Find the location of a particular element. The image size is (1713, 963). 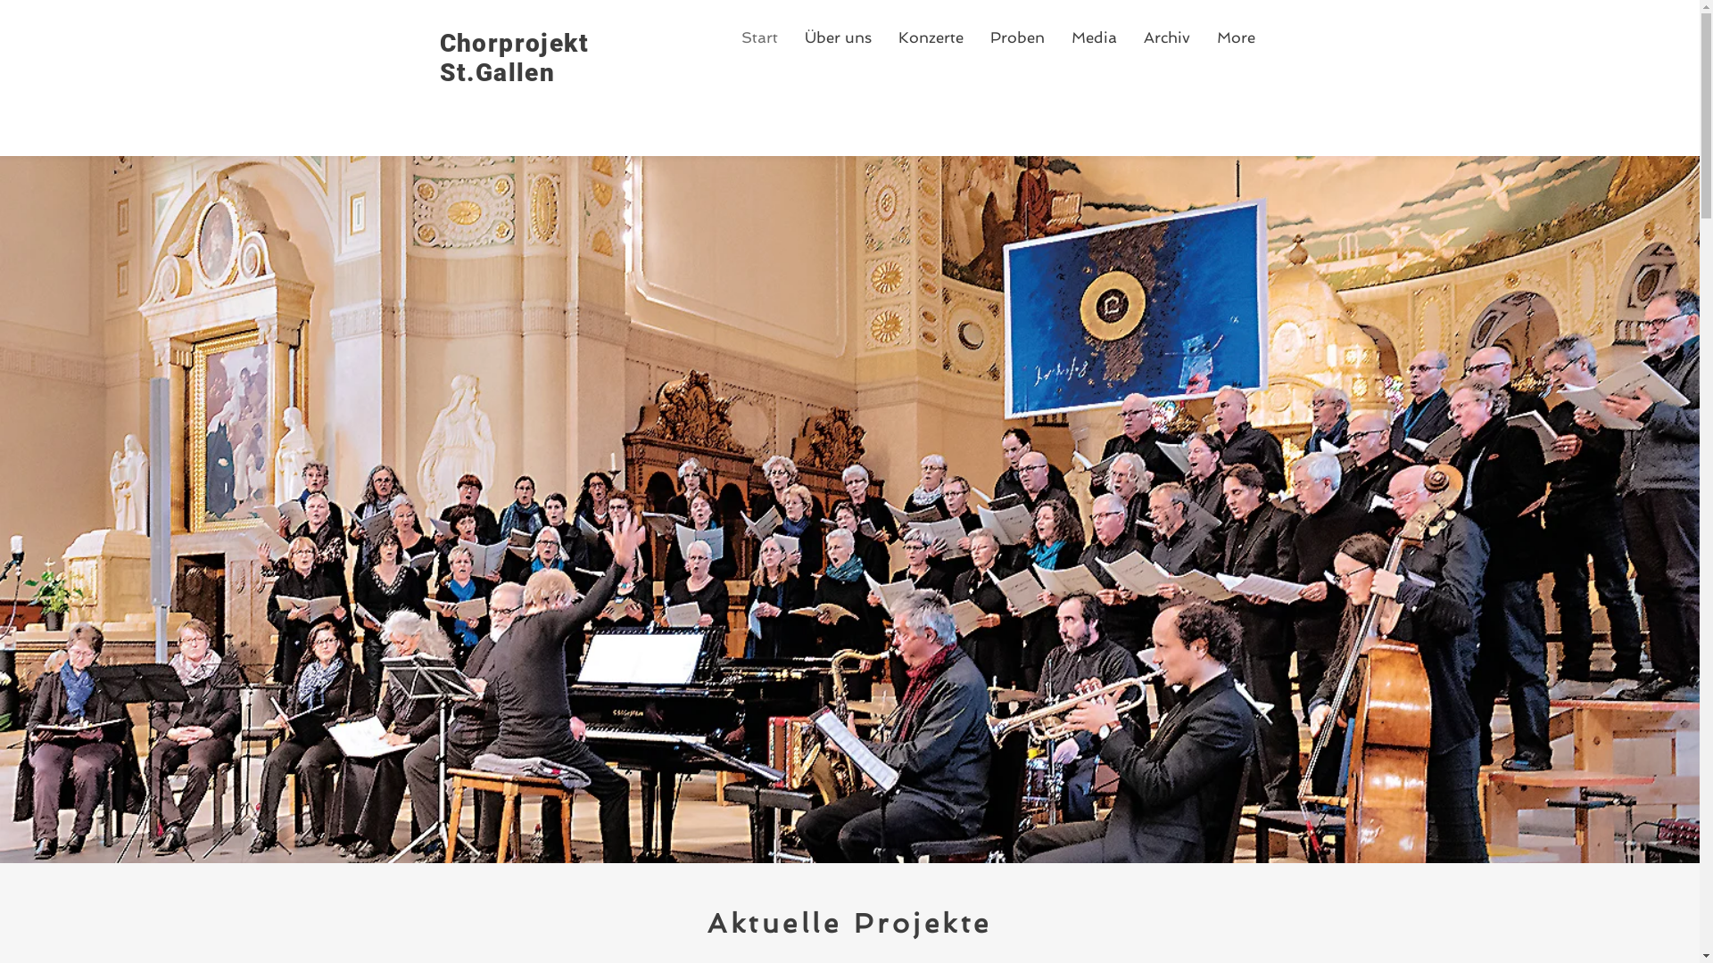

'Proben' is located at coordinates (1016, 37).